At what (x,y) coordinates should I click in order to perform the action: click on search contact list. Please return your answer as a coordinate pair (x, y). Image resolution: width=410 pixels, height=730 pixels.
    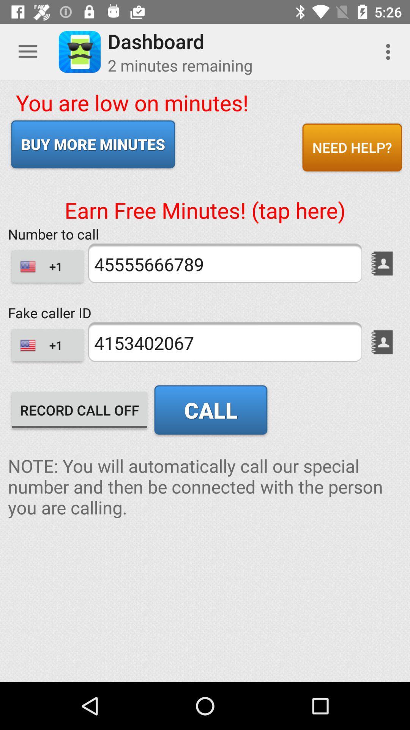
    Looking at the image, I should click on (382, 342).